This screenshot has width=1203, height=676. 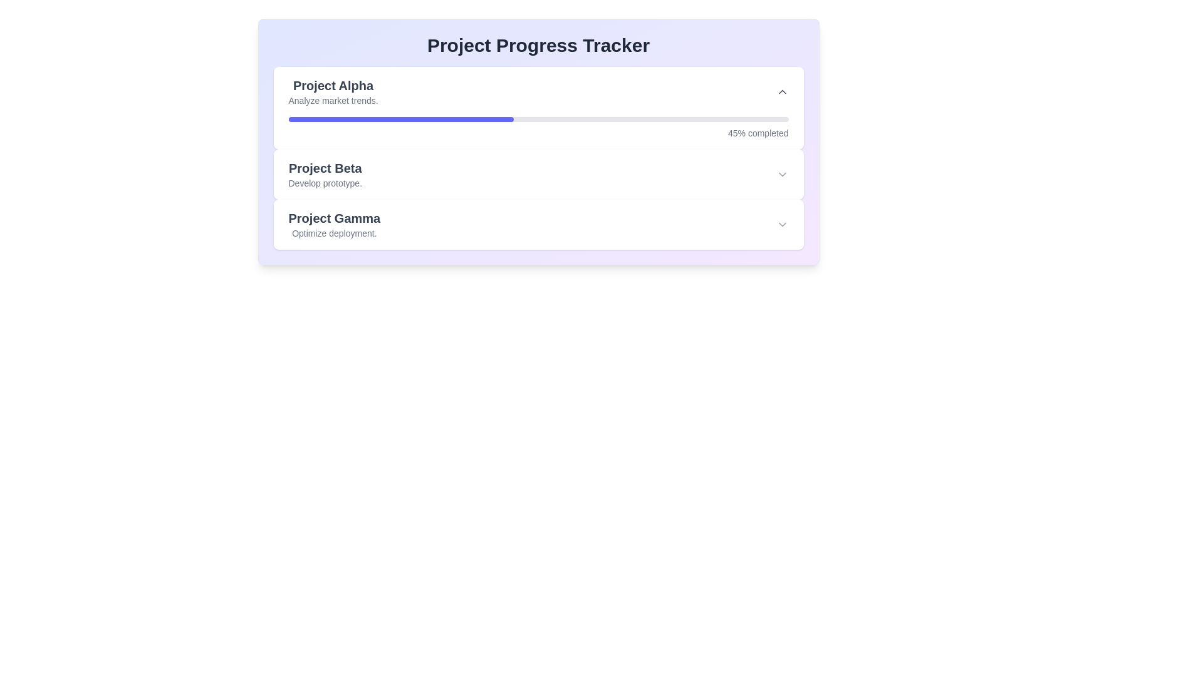 What do you see at coordinates (538, 223) in the screenshot?
I see `the third expandable project card for 'Project Gamma' in the progress tracker` at bounding box center [538, 223].